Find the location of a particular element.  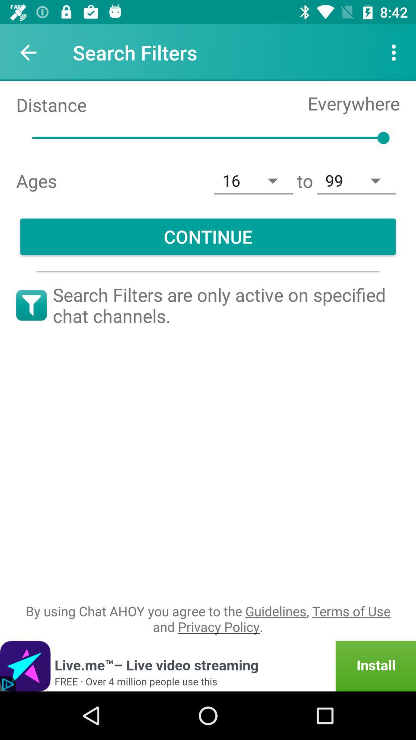

icon next to search filters is located at coordinates (28, 52).